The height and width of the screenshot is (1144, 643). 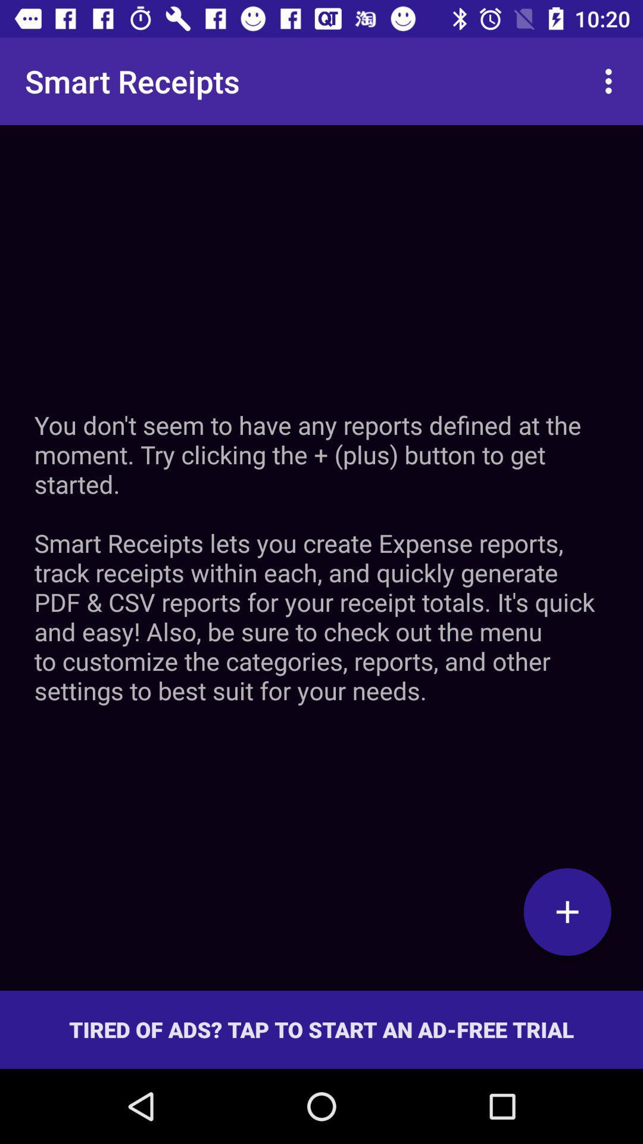 I want to click on the icon at the bottom right corner, so click(x=567, y=911).